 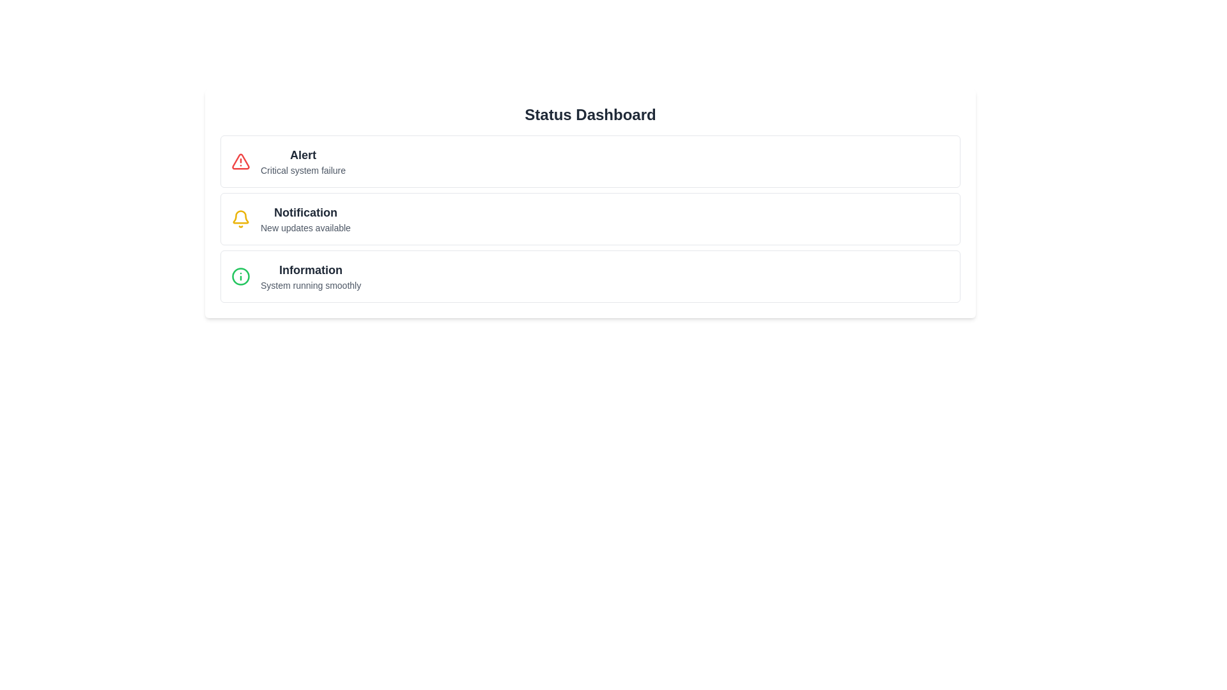 What do you see at coordinates (241, 218) in the screenshot?
I see `the yellow notification bell icon located at the top-left corner of the notification section` at bounding box center [241, 218].